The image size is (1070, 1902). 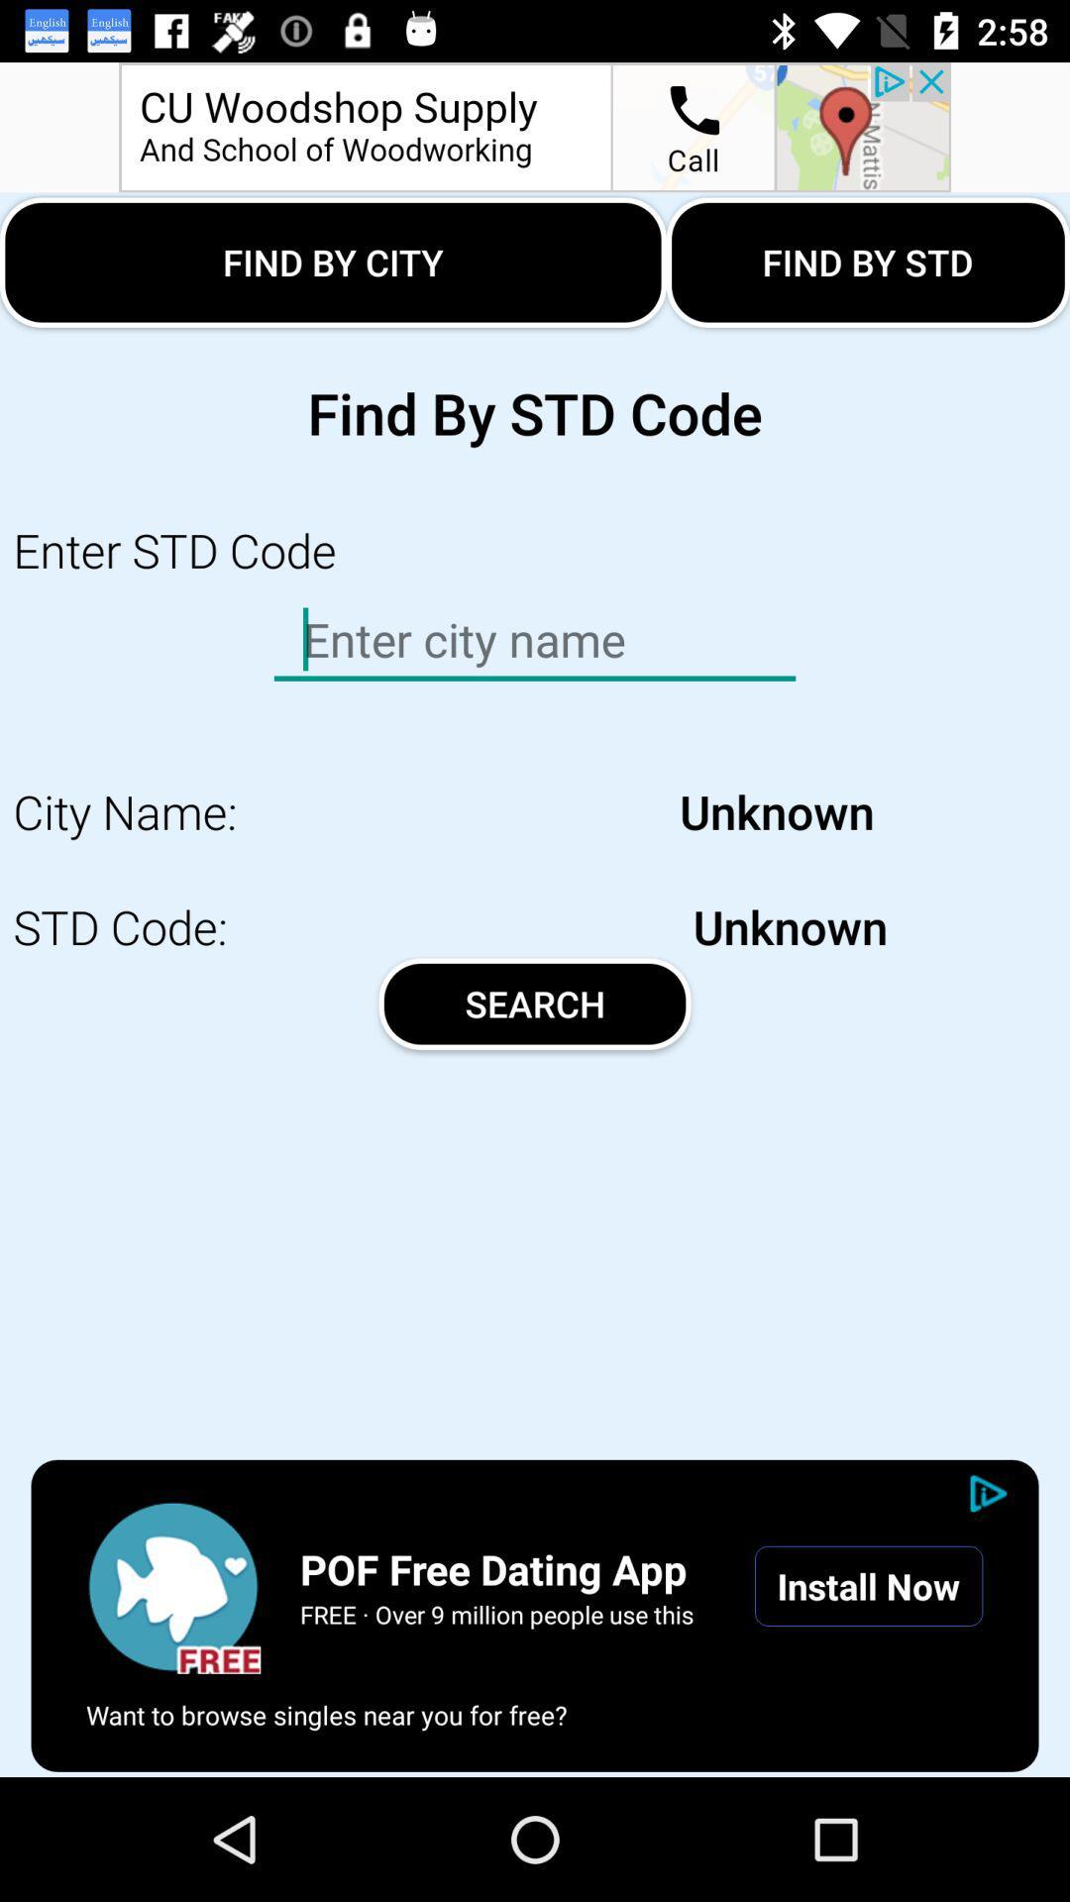 What do you see at coordinates (172, 1586) in the screenshot?
I see `open browser` at bounding box center [172, 1586].